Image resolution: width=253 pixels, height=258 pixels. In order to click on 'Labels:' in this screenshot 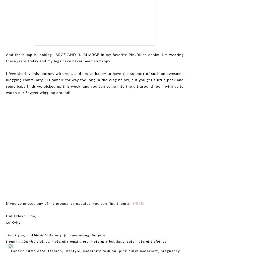, I will do `click(18, 251)`.